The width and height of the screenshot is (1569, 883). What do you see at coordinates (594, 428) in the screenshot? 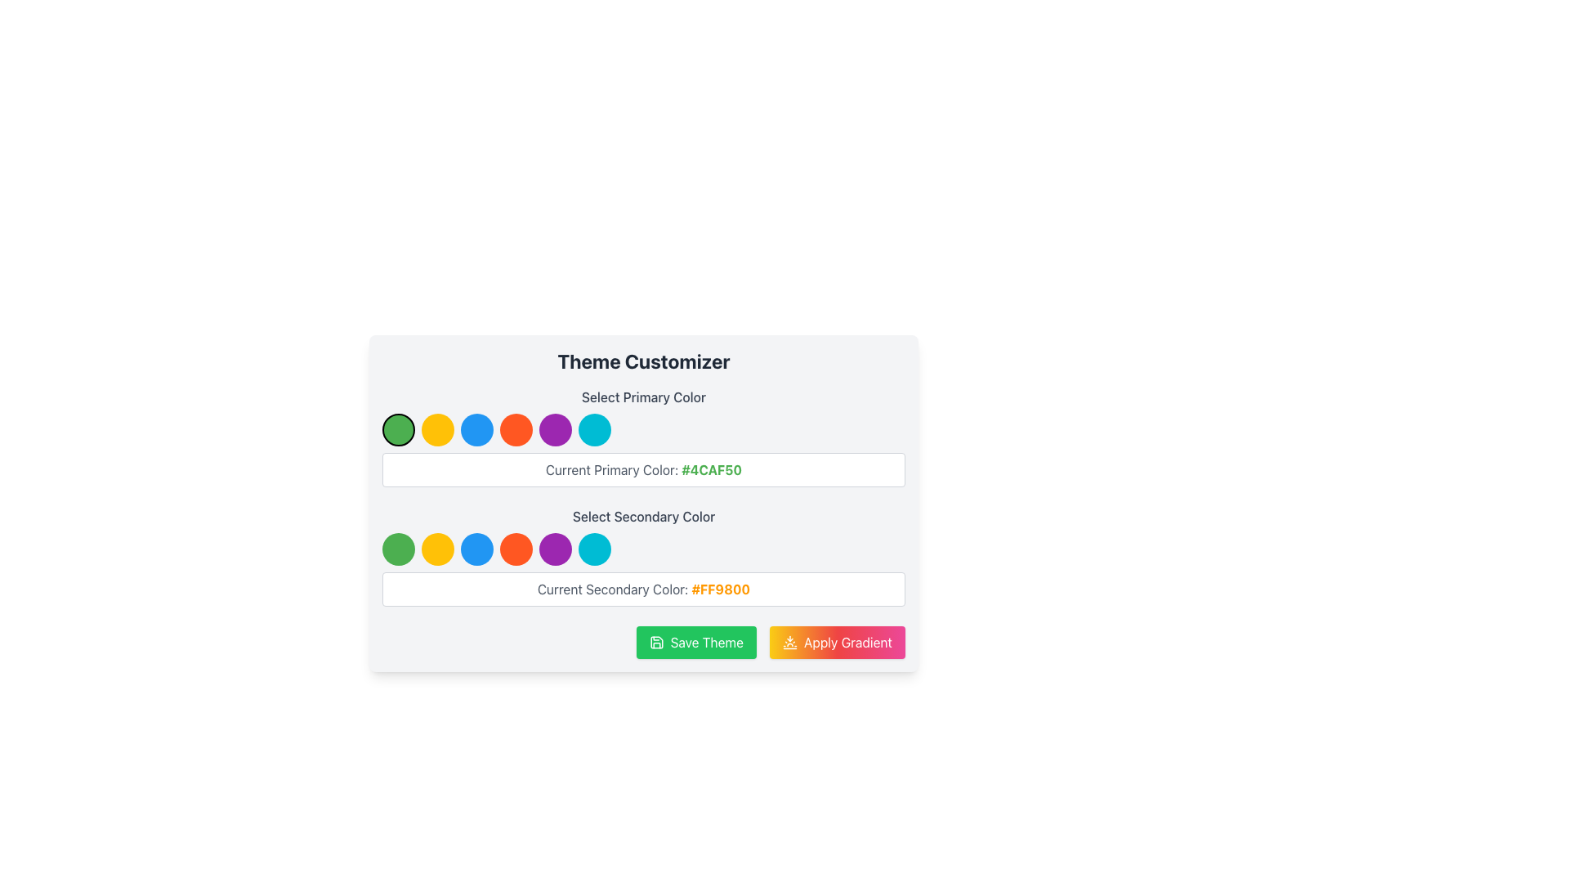
I see `the sixth circular selectable color option with a cyan blue fill color in the Theme Customizer section` at bounding box center [594, 428].